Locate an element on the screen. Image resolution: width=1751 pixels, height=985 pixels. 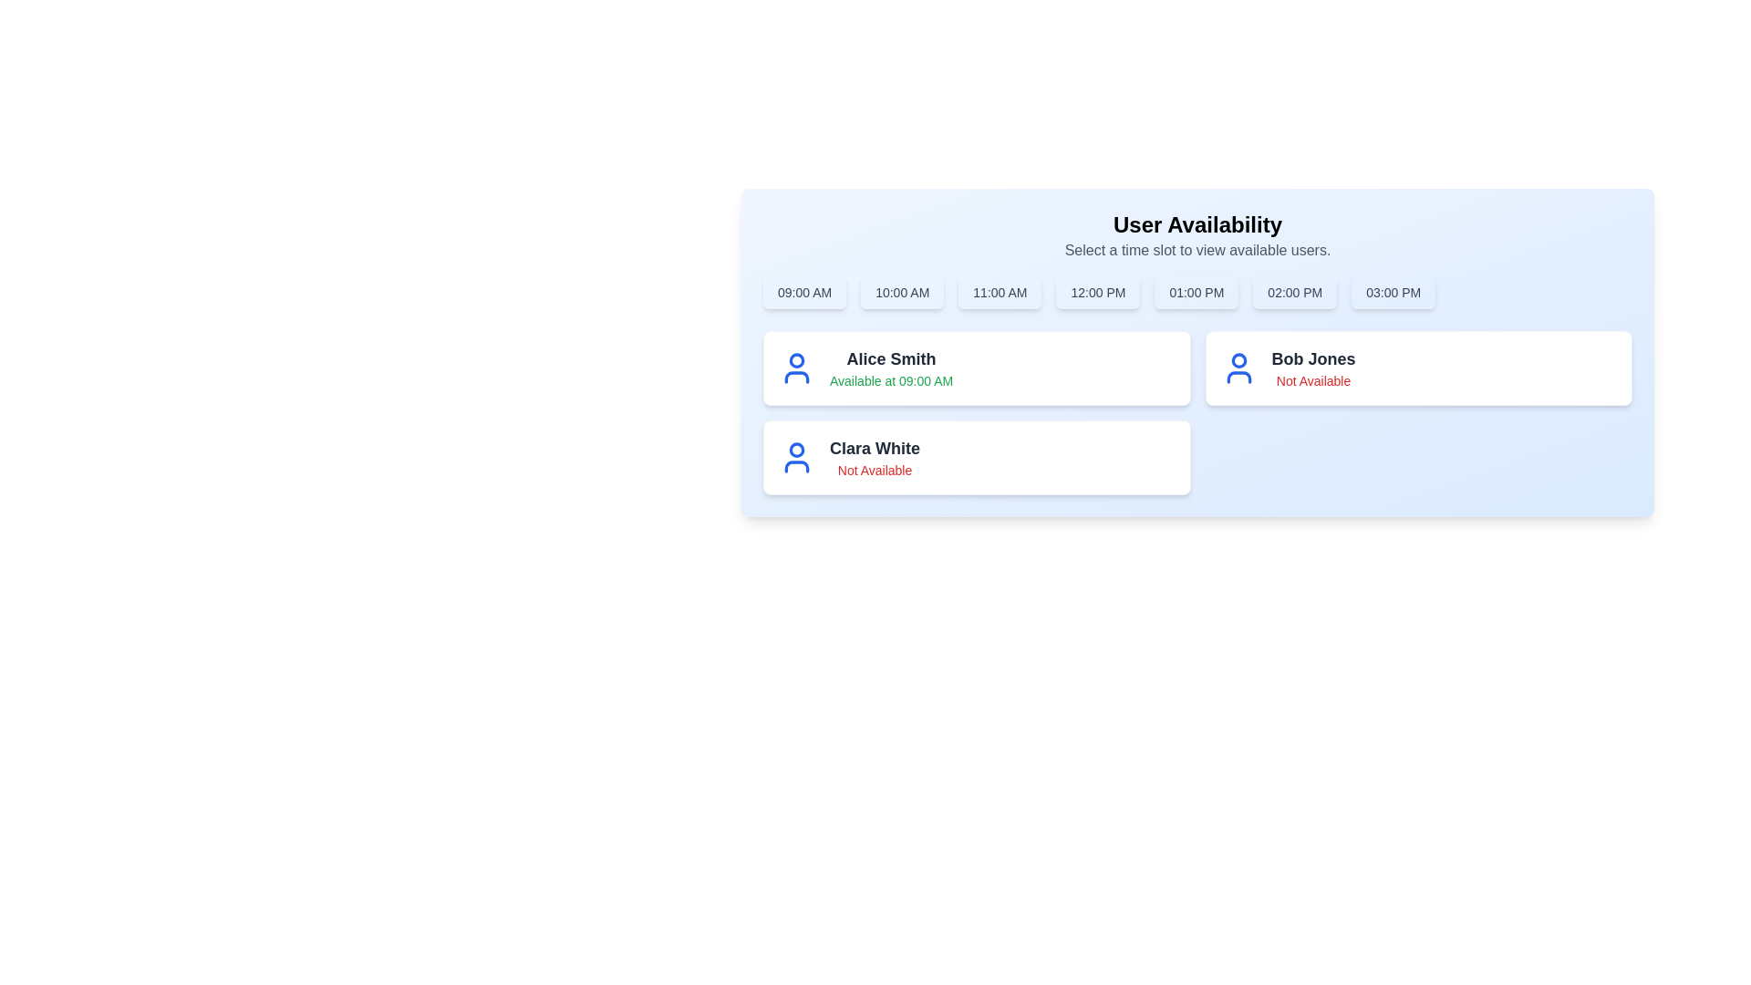
the SVG circle element that represents the head portion of the user icon for Clara White in the user availability list is located at coordinates (796, 450).